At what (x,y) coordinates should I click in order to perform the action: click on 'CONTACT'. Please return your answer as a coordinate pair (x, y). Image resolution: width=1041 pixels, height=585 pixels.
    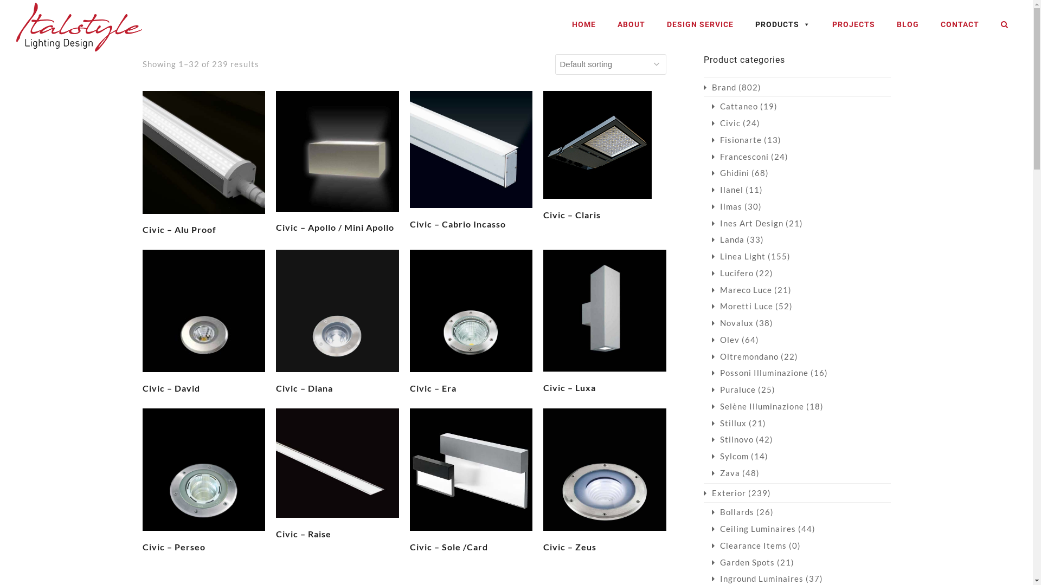
    Looking at the image, I should click on (934, 24).